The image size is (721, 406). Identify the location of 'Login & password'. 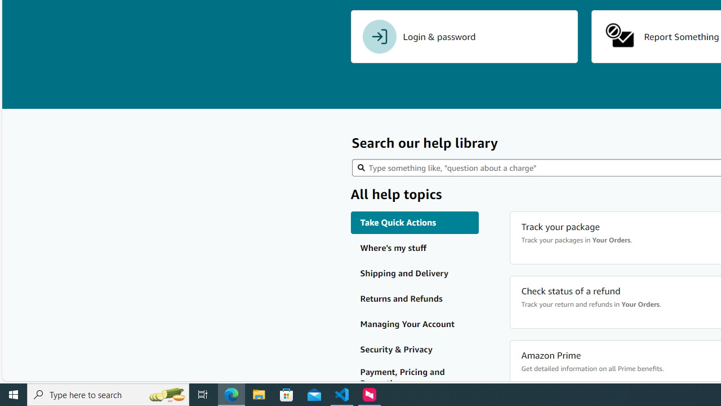
(464, 36).